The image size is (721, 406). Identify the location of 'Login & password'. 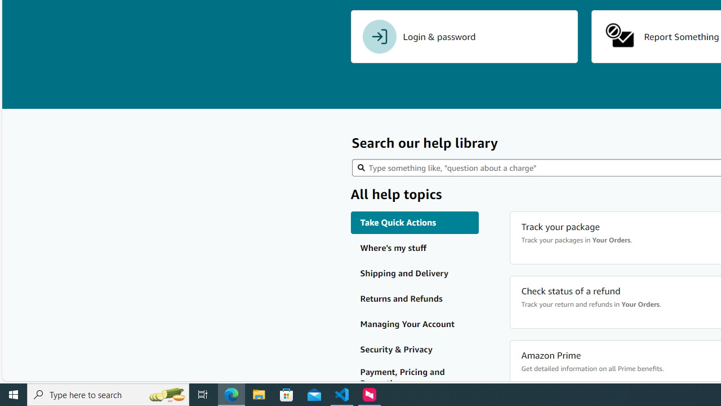
(464, 36).